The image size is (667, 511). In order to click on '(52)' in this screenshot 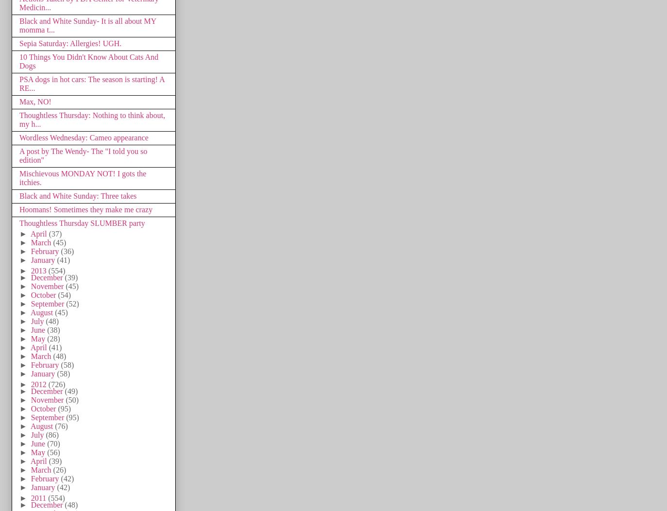, I will do `click(71, 303)`.